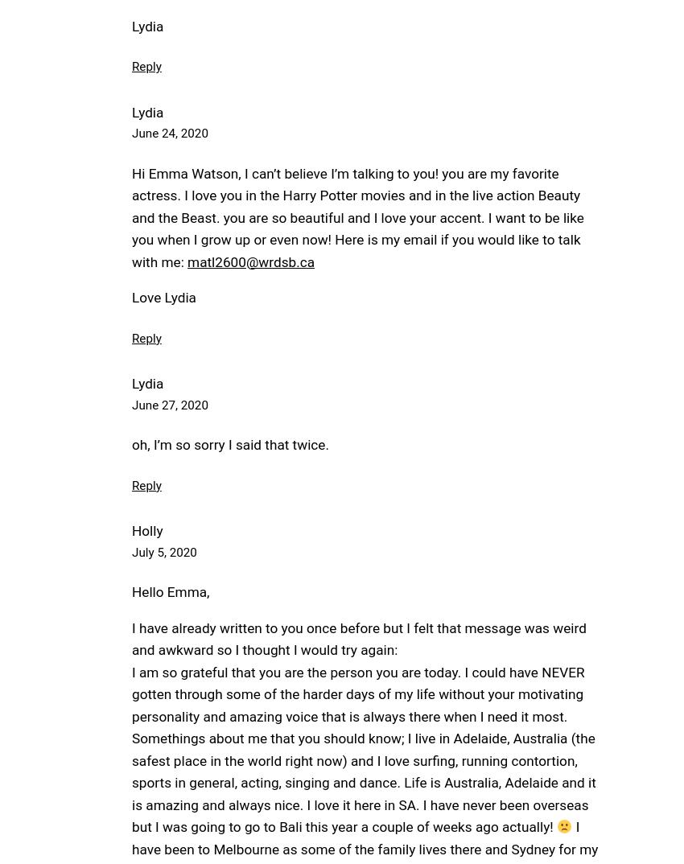 The image size is (684, 864). Describe the element at coordinates (131, 782) in the screenshot. I see `'Somethings about me that you should know; I live in Adelaide, Australia (the safest place in the world right now) and I love surfing, running contortion, sports in general, acting, singing and dance. Life is Australia, Adelaide and it is amazing and always nice. I love it here in SA. I have never been overseas but I was going to go to Bali this year a couple of weeks ago actually!'` at that location.